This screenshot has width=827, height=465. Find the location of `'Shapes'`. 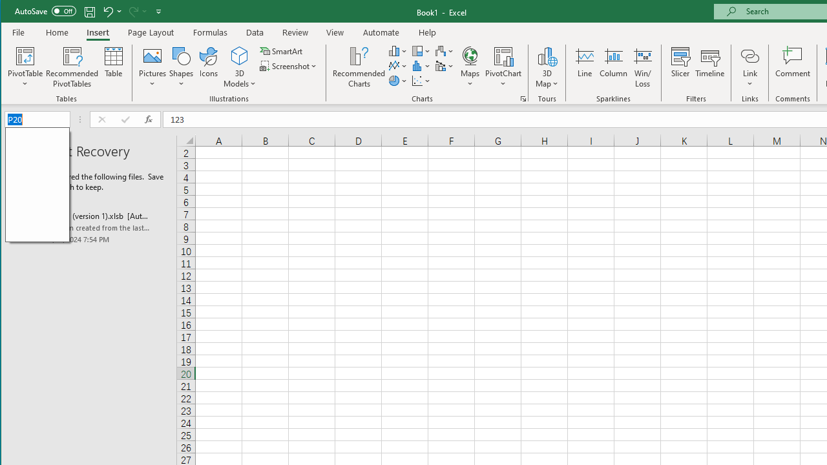

'Shapes' is located at coordinates (180, 67).